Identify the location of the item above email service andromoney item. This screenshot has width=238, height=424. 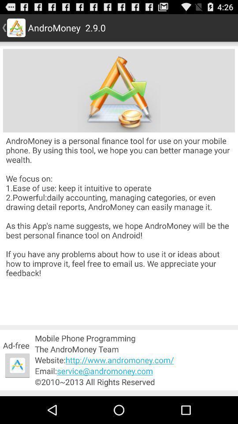
(135, 360).